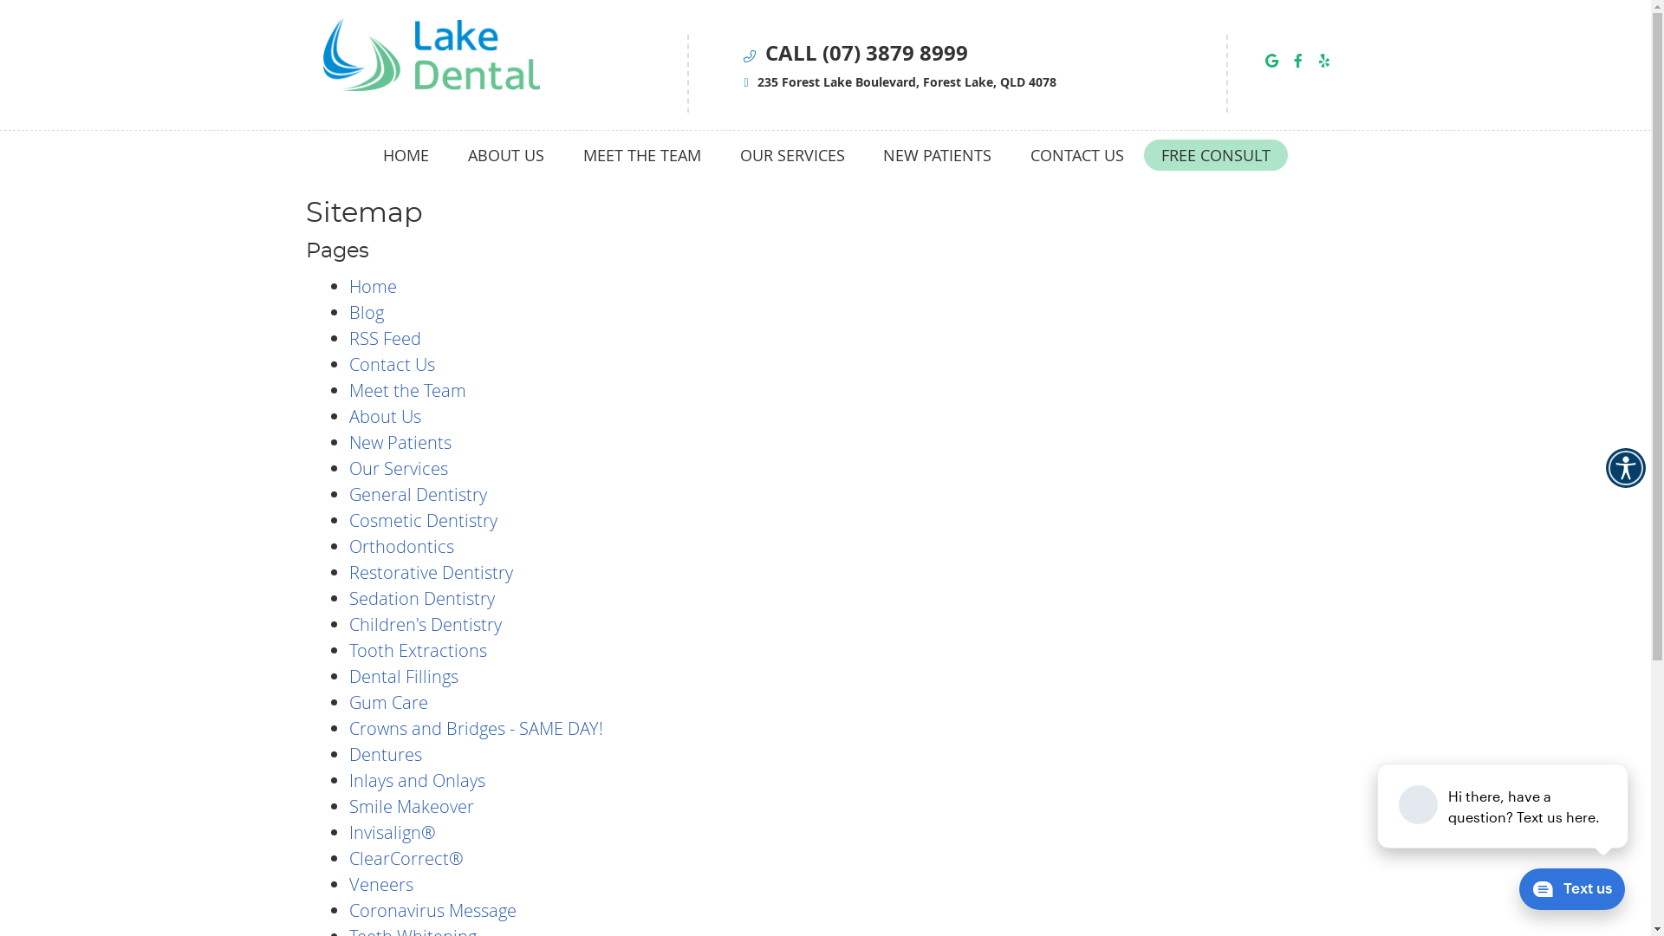 The height and width of the screenshot is (936, 1664). I want to click on 'FREE CONSULT', so click(1214, 153).